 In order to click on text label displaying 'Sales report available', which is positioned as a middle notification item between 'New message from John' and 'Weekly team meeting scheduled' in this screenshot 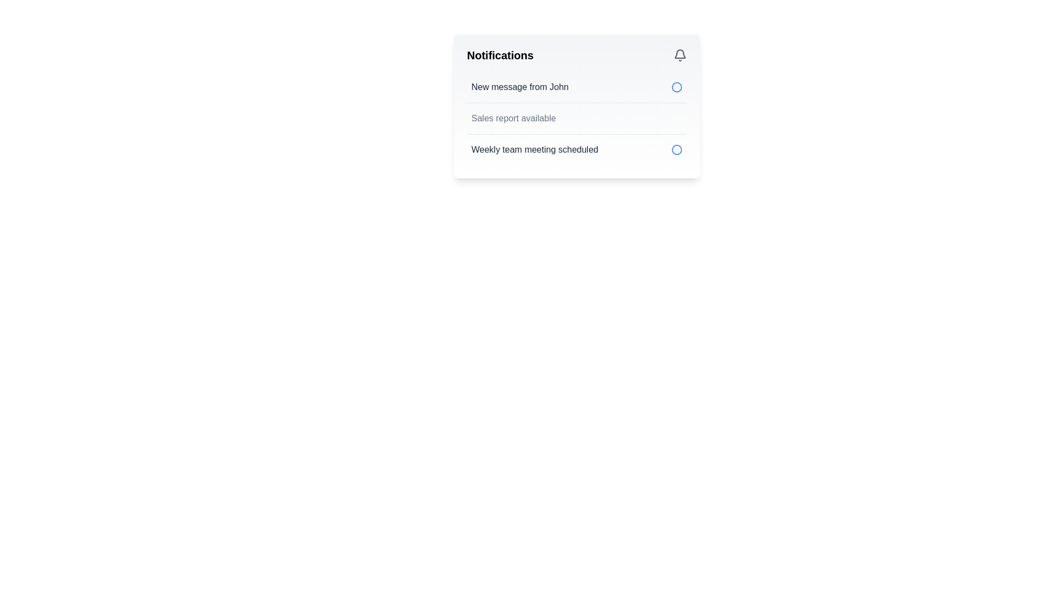, I will do `click(513, 119)`.